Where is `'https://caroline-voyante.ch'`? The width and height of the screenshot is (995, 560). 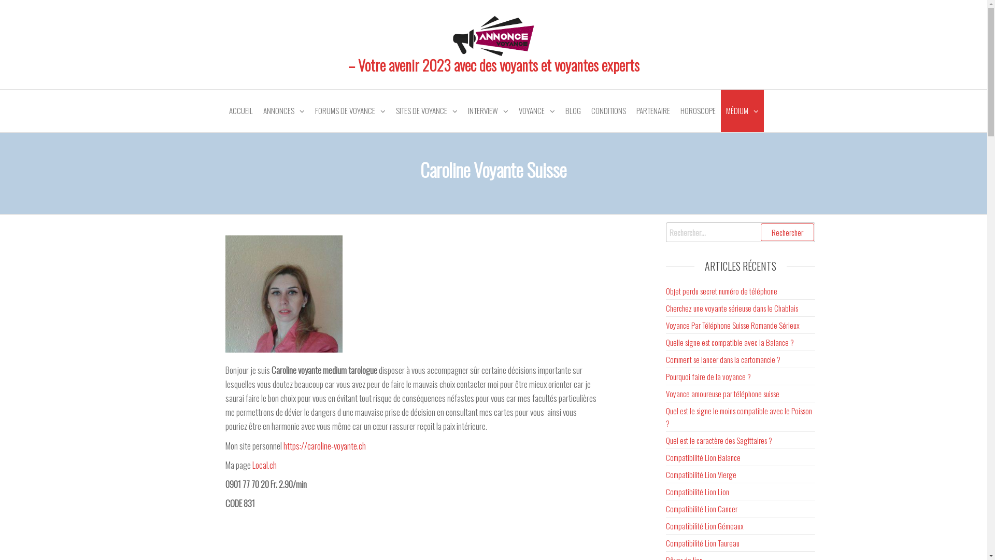 'https://caroline-voyante.ch' is located at coordinates (324, 445).